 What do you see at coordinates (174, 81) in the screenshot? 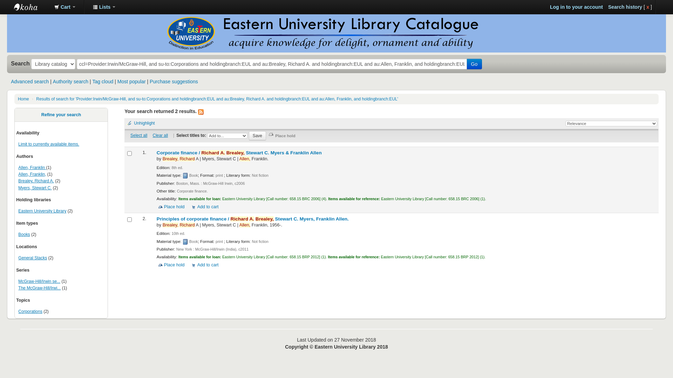
I see `'Purchase suggestions'` at bounding box center [174, 81].